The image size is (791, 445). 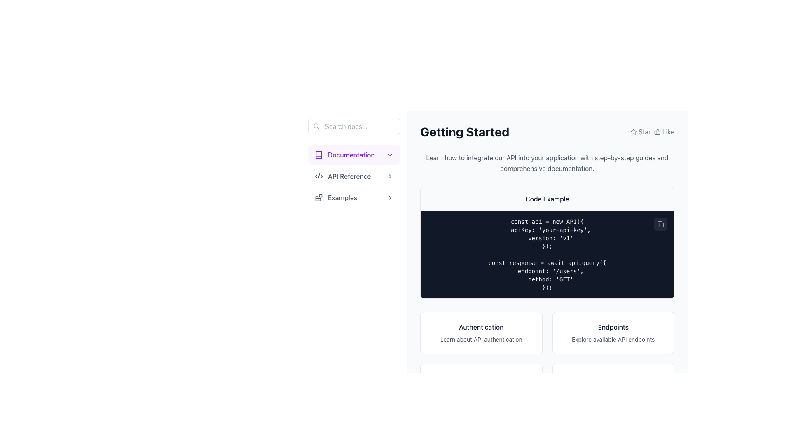 What do you see at coordinates (660, 224) in the screenshot?
I see `the small rectangular button with a dark gray background and rounded corners, located at the top-right corner of the code block, to trigger a hover effect` at bounding box center [660, 224].